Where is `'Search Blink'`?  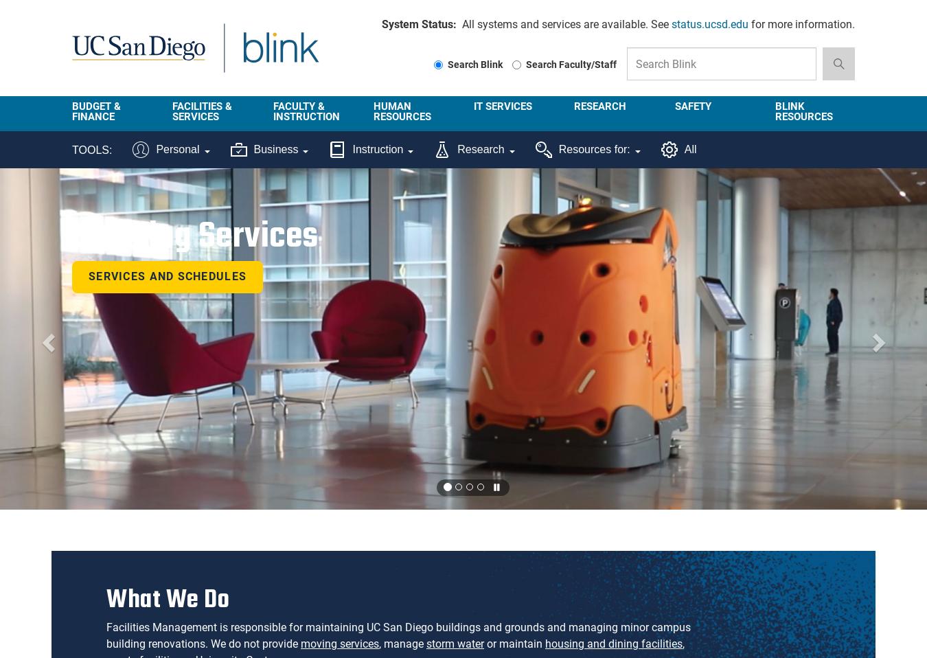
'Search Blink' is located at coordinates (446, 64).